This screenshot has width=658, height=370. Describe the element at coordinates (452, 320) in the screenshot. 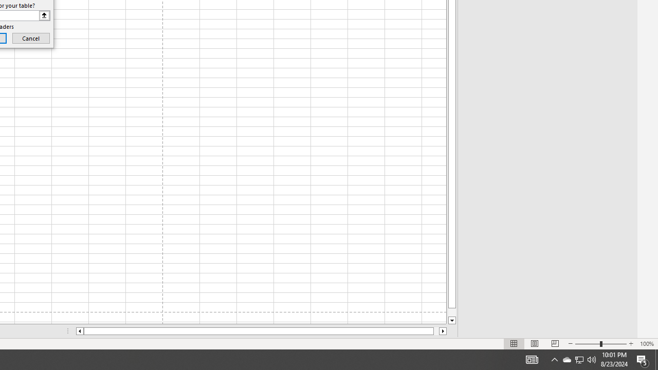

I see `'Line down'` at that location.